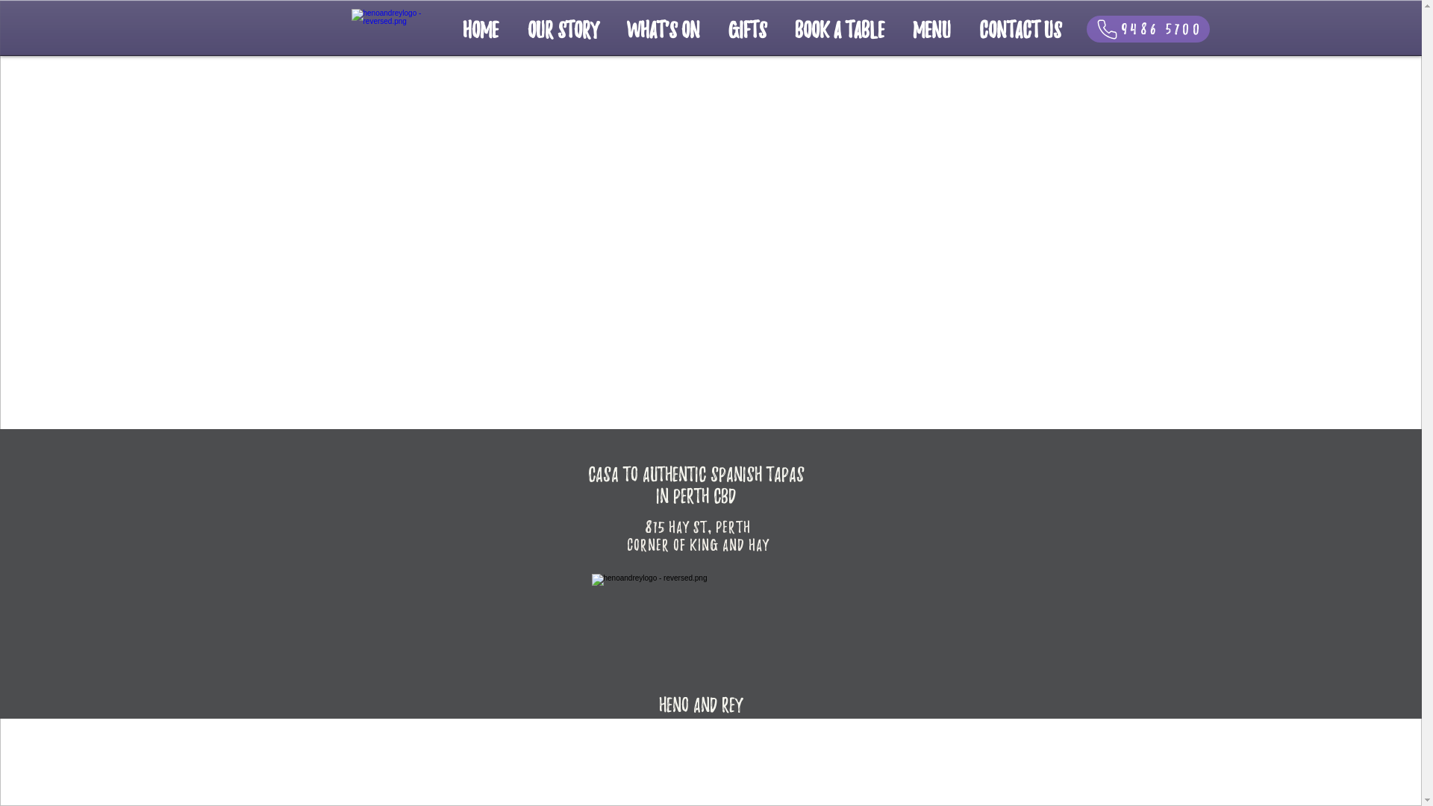  Describe the element at coordinates (931, 28) in the screenshot. I see `'MENU'` at that location.